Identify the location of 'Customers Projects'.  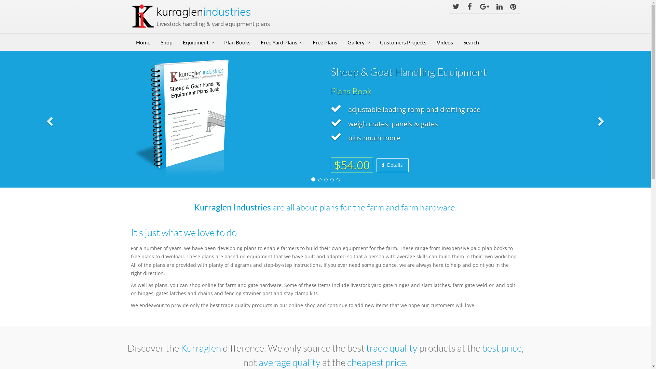
(403, 42).